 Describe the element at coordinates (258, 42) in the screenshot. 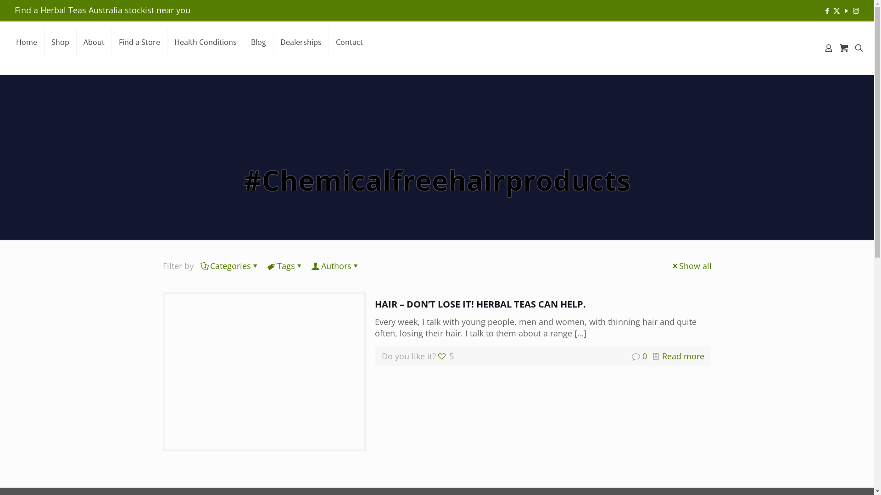

I see `'Blog'` at that location.